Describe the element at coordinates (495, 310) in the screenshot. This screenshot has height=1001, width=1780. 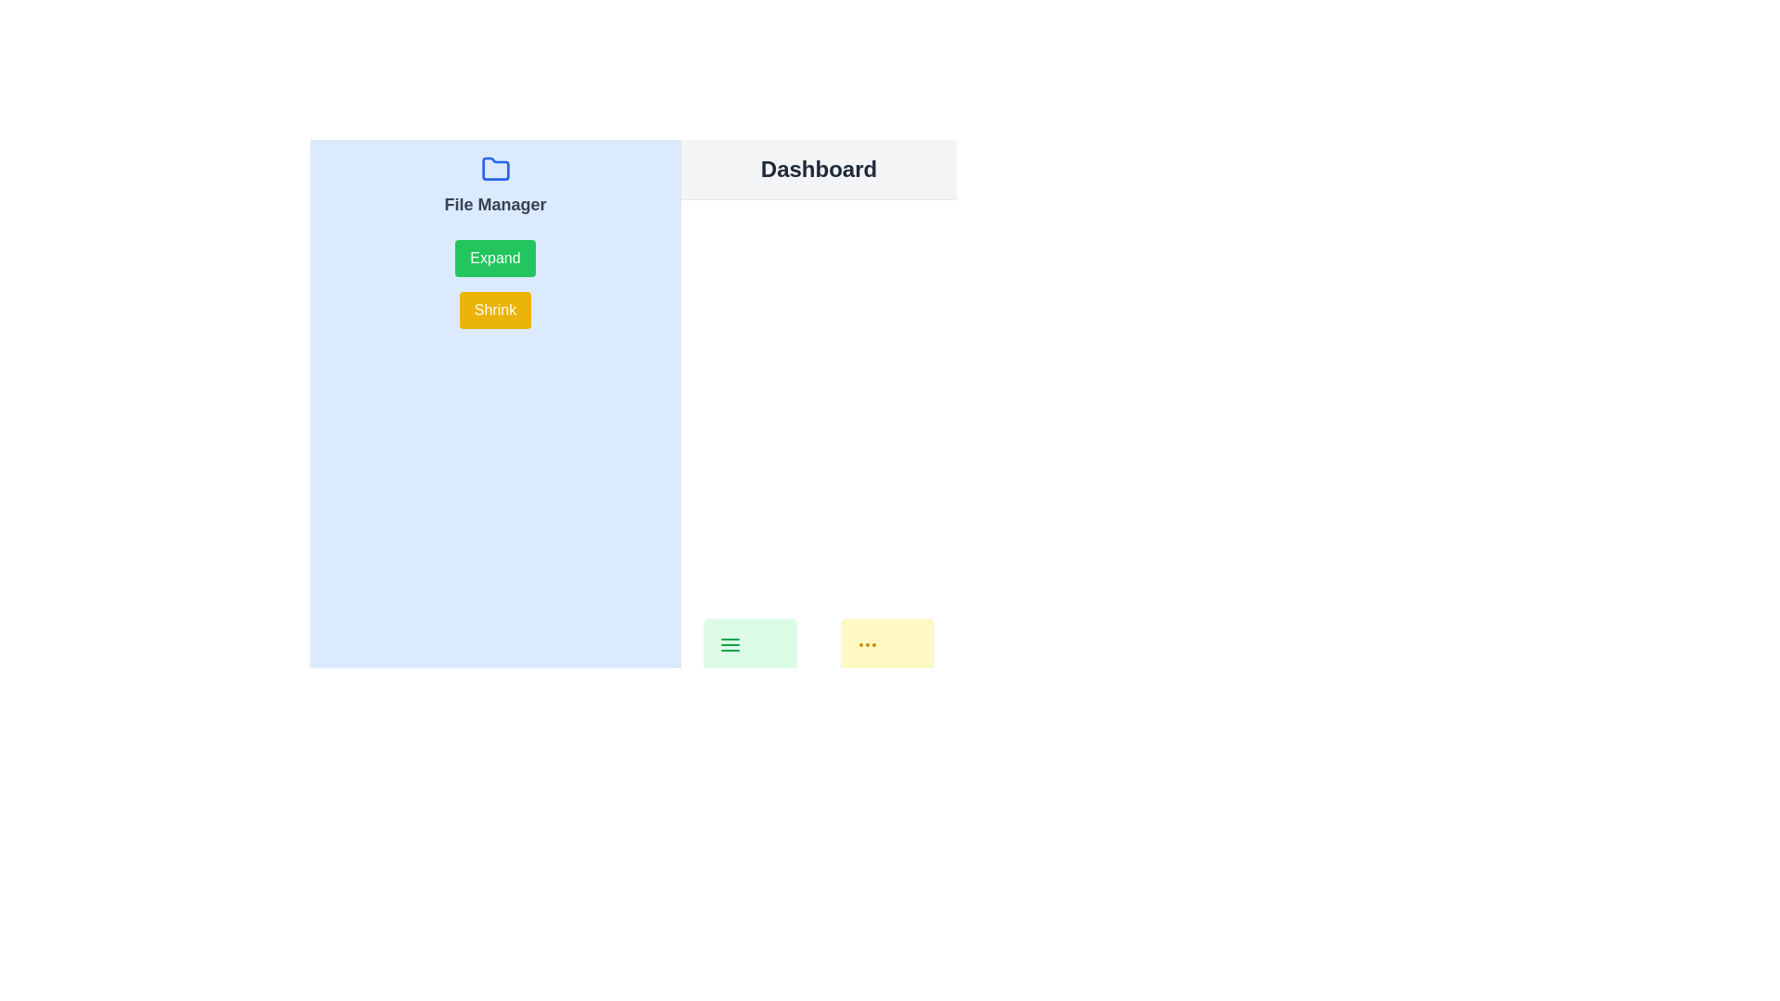
I see `the collapse button located below the green 'Expand' button in the 'File Manager' section` at that location.